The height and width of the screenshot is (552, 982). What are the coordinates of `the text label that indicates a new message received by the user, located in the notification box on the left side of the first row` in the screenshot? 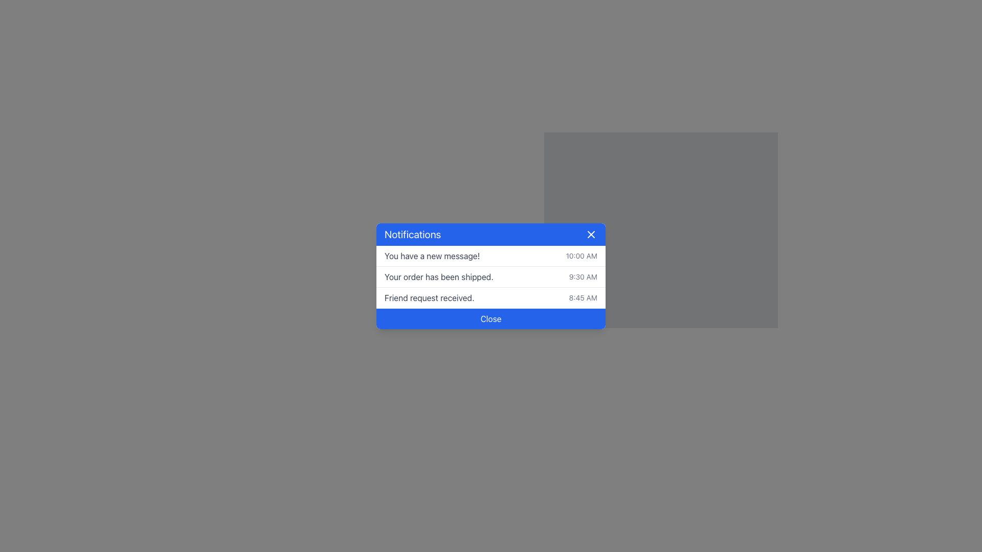 It's located at (432, 255).